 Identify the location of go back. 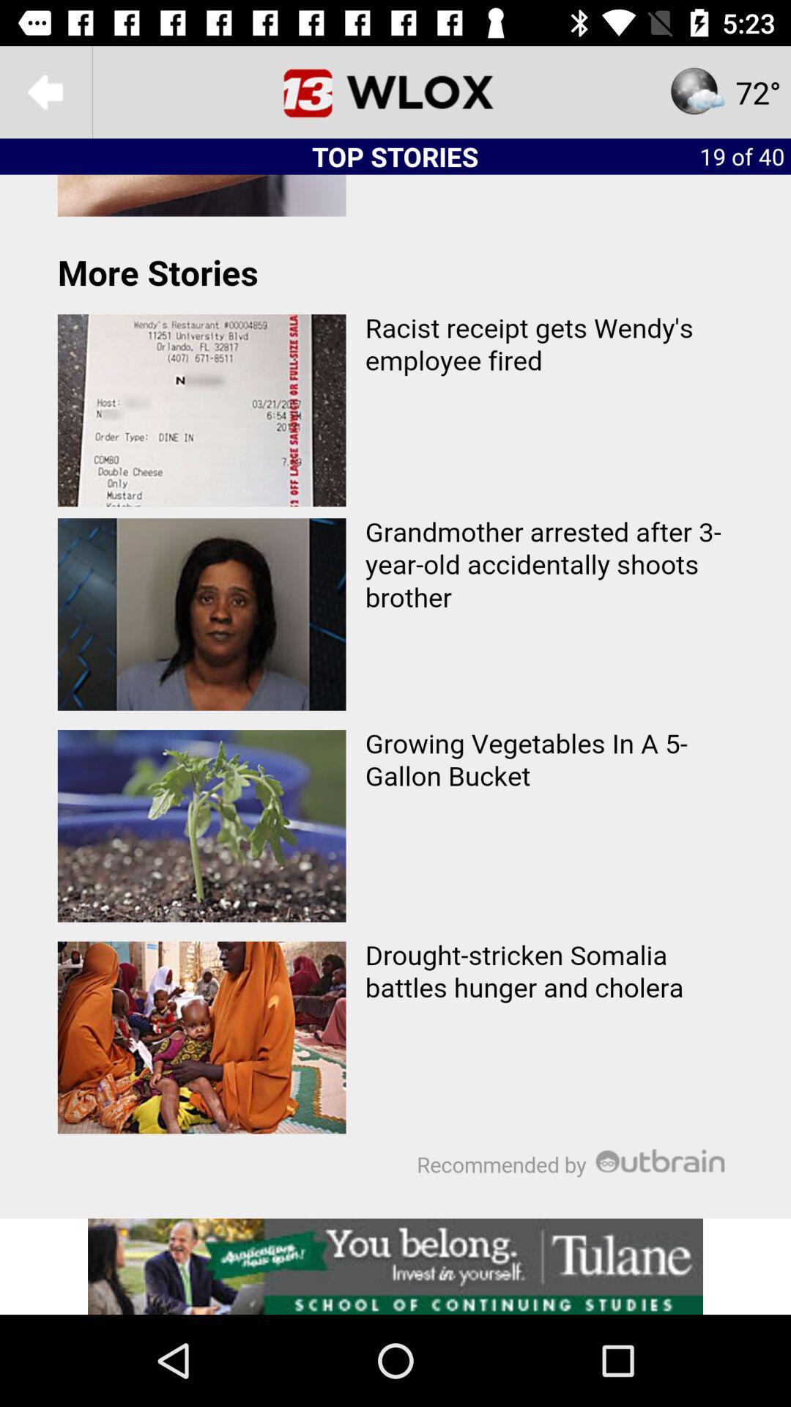
(45, 91).